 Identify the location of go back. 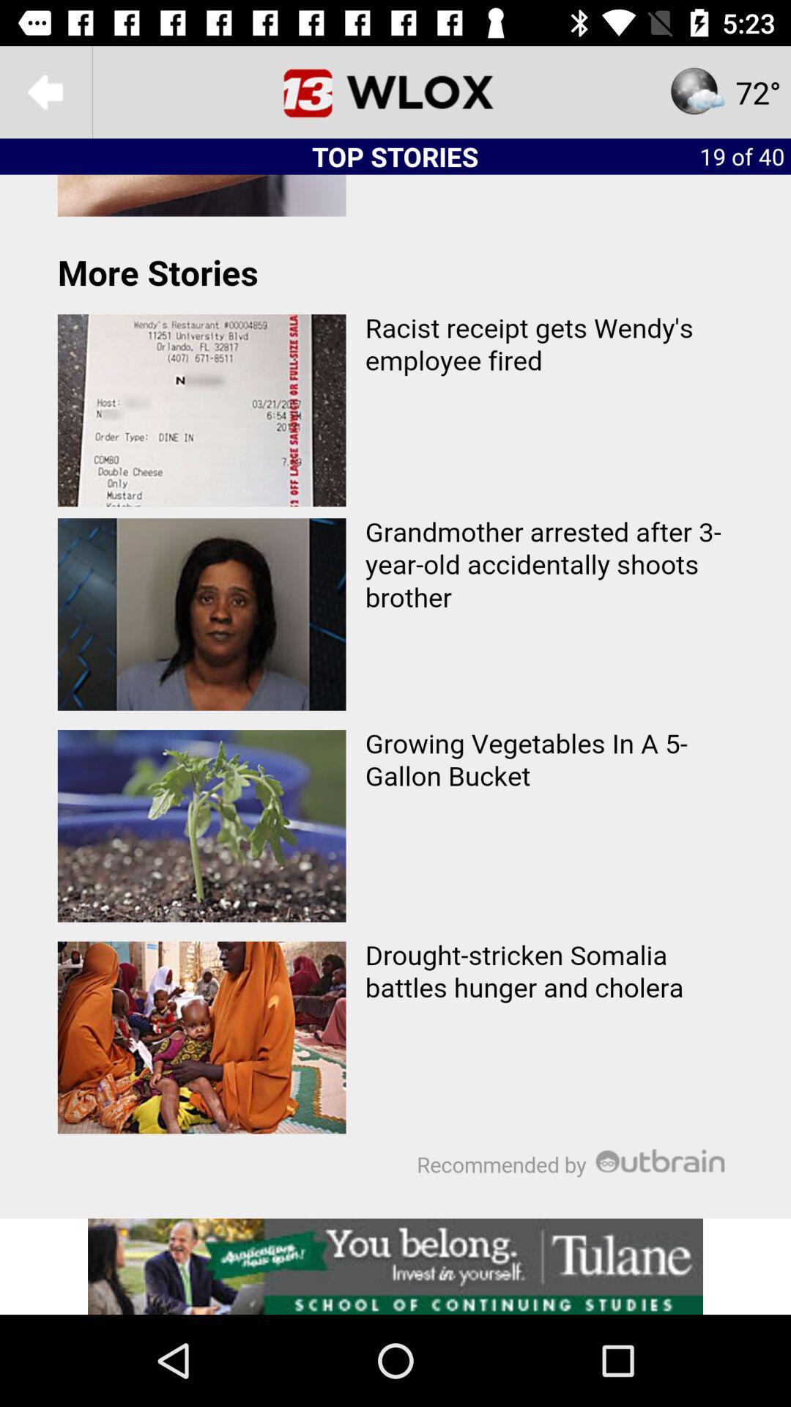
(45, 91).